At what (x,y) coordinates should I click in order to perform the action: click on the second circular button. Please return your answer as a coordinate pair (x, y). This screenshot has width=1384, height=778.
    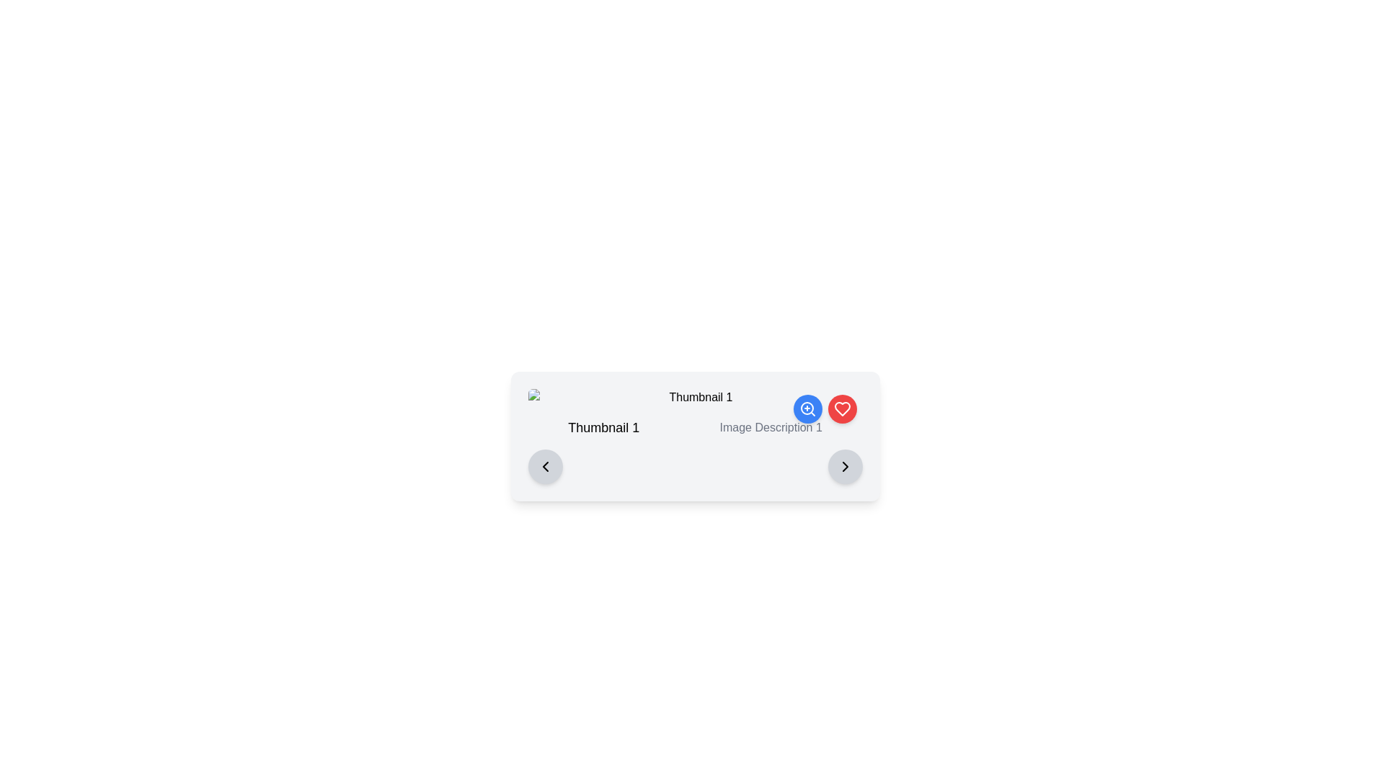
    Looking at the image, I should click on (842, 408).